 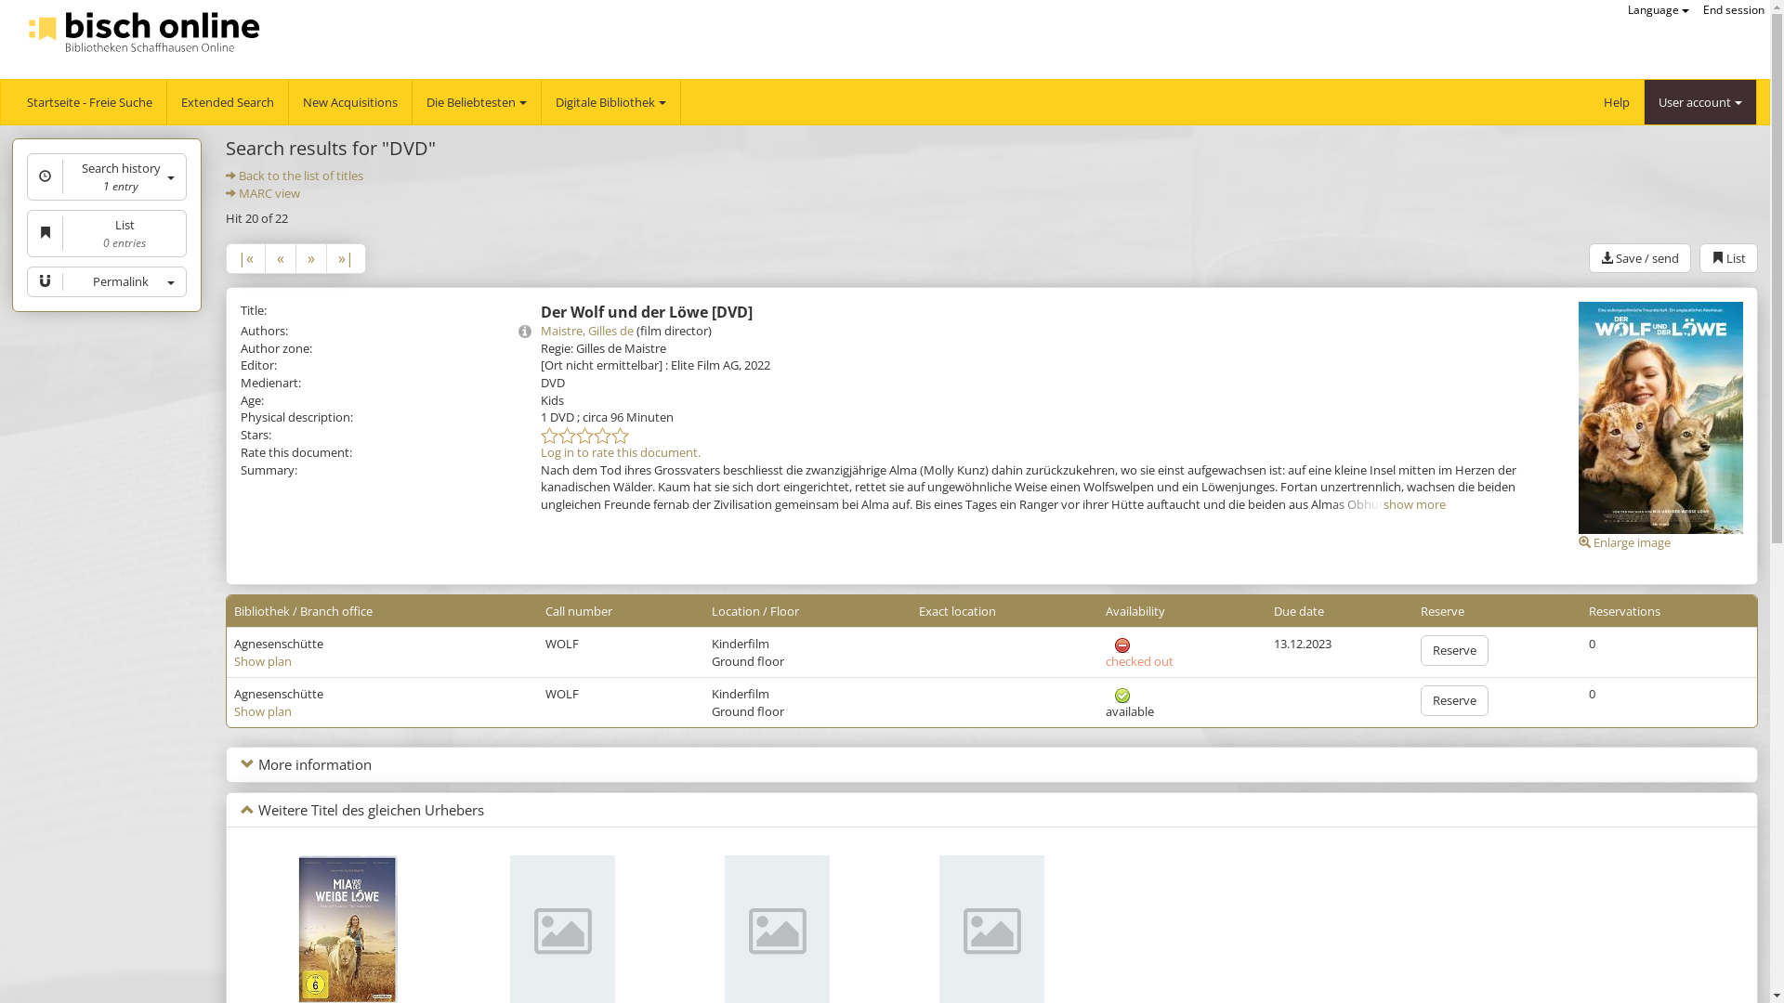 I want to click on 'Extended Search', so click(x=226, y=102).